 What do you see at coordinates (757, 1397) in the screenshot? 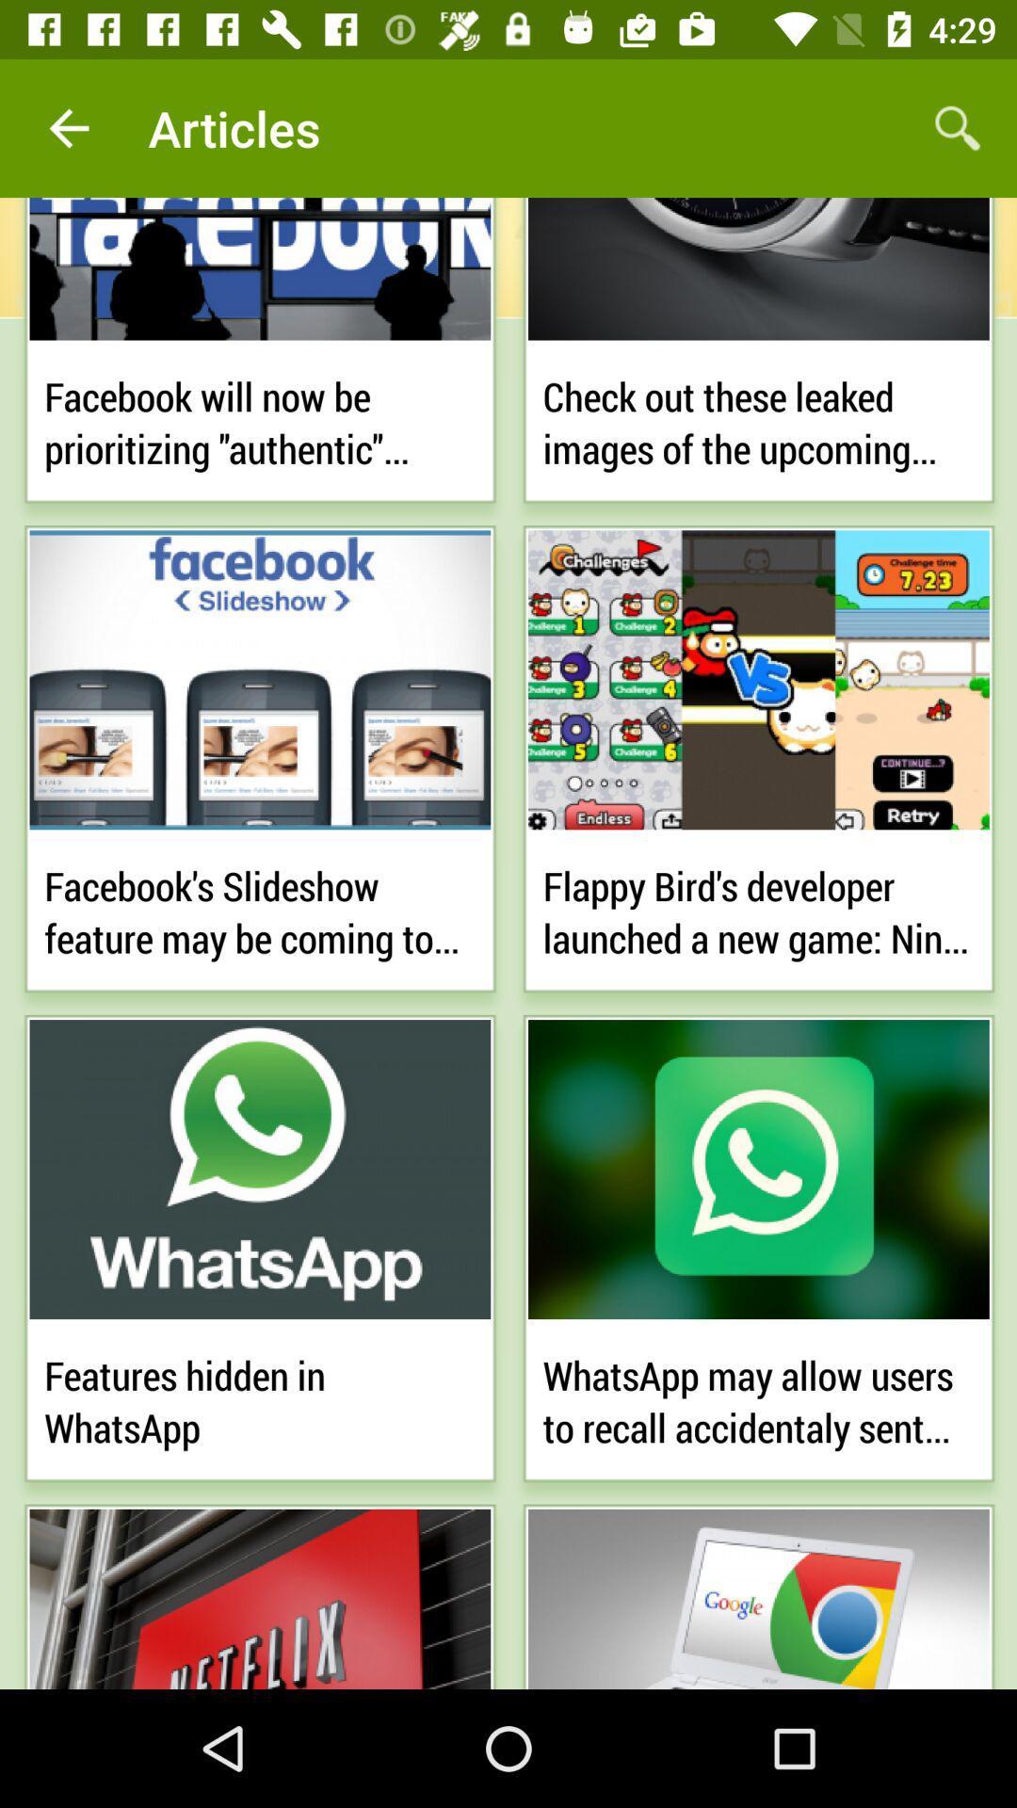
I see `whatsapp may allow item` at bounding box center [757, 1397].